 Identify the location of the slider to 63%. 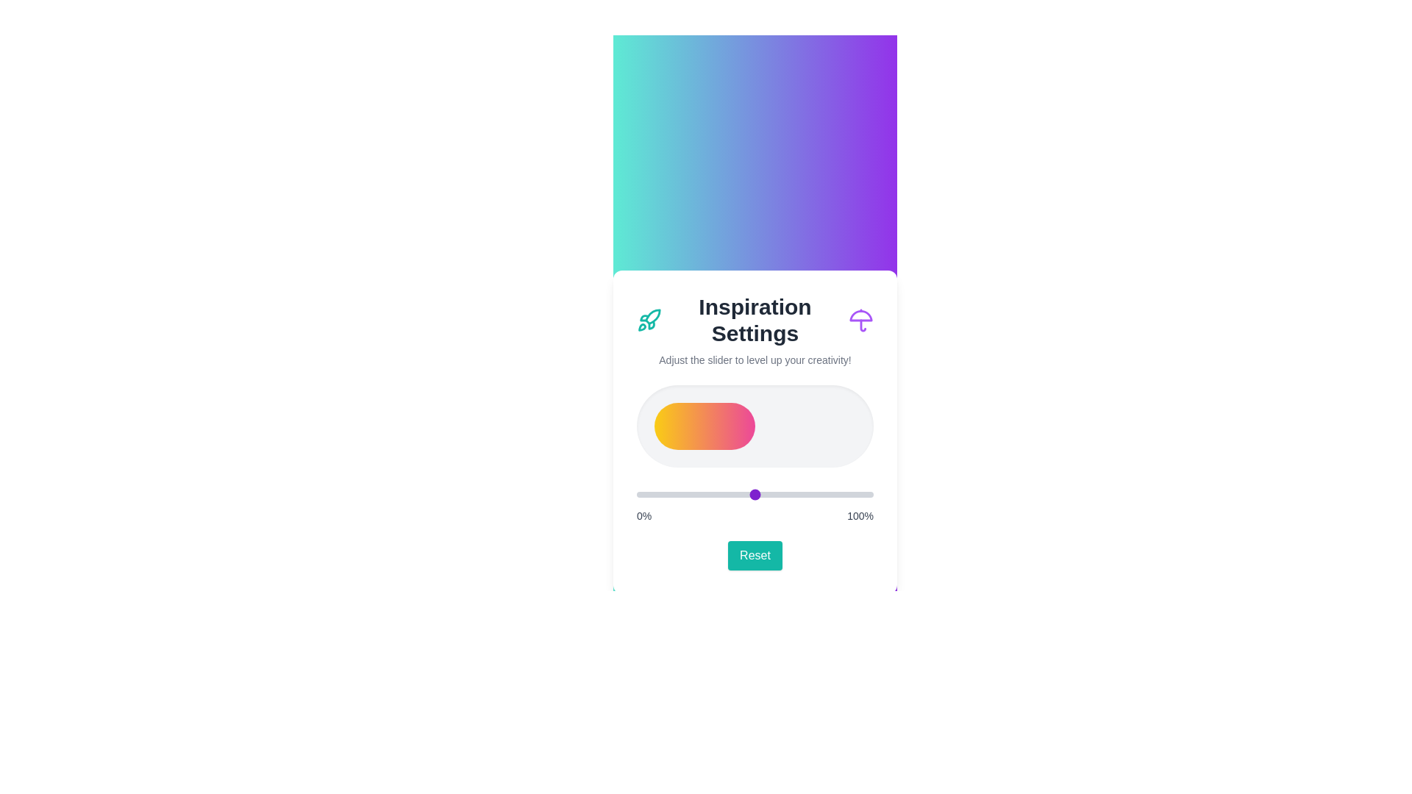
(785, 494).